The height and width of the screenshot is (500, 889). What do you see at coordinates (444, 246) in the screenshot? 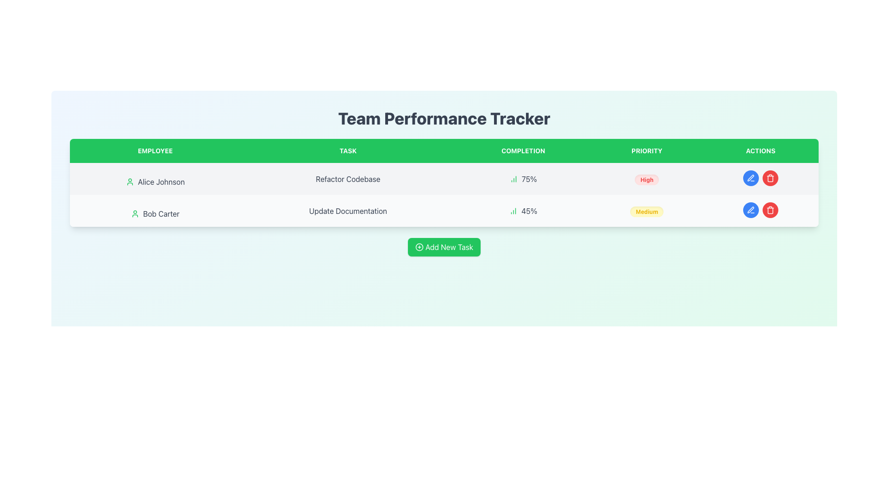
I see `the green button labeled 'Add New Task' with a plus-circle icon, located centrally beneath the team performance table` at bounding box center [444, 246].